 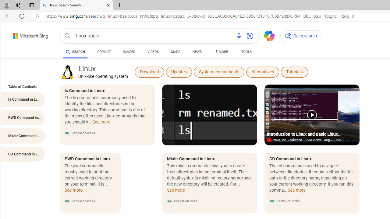 I want to click on 'NEWS', so click(x=197, y=52).